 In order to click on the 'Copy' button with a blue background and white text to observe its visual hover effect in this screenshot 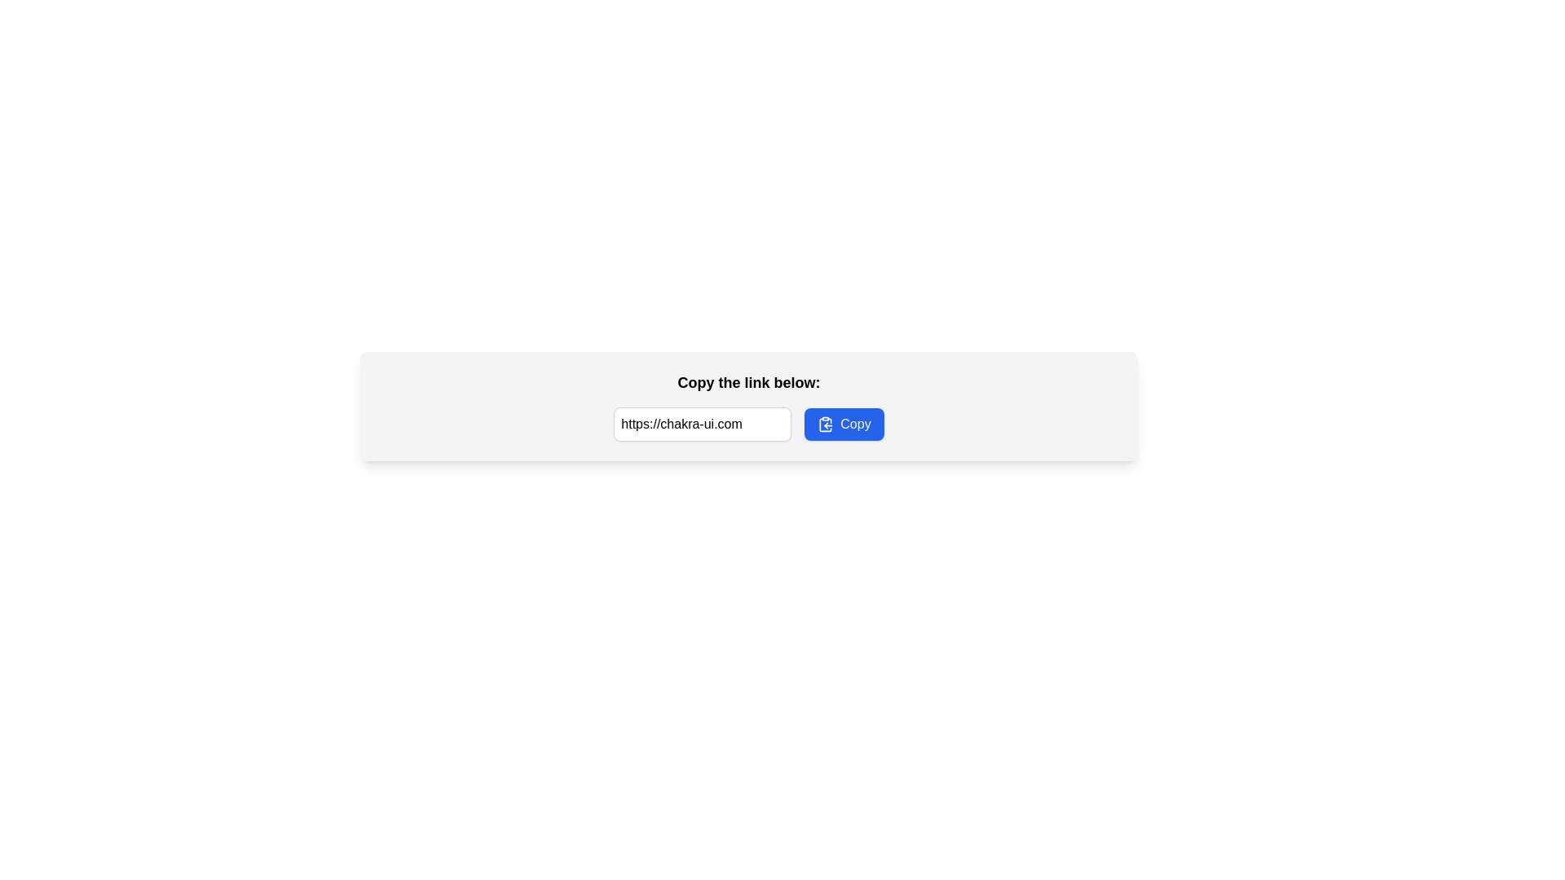, I will do `click(844, 423)`.